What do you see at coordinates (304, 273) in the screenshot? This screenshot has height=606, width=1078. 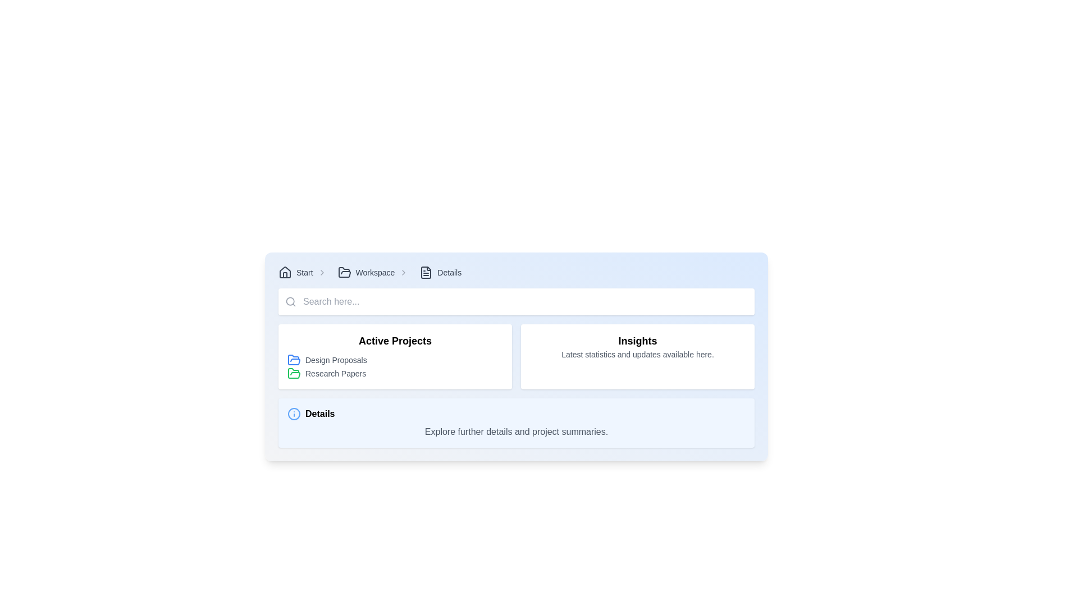 I see `the 'Start' text label inside the navigation link` at bounding box center [304, 273].